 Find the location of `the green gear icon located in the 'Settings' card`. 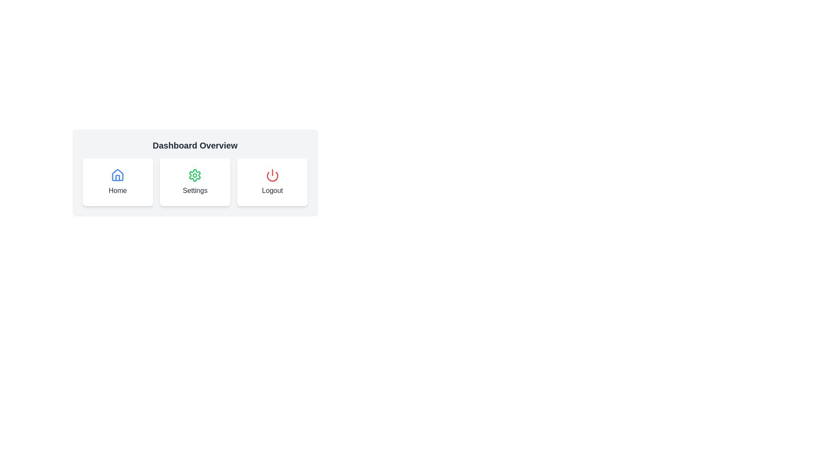

the green gear icon located in the 'Settings' card is located at coordinates (195, 175).